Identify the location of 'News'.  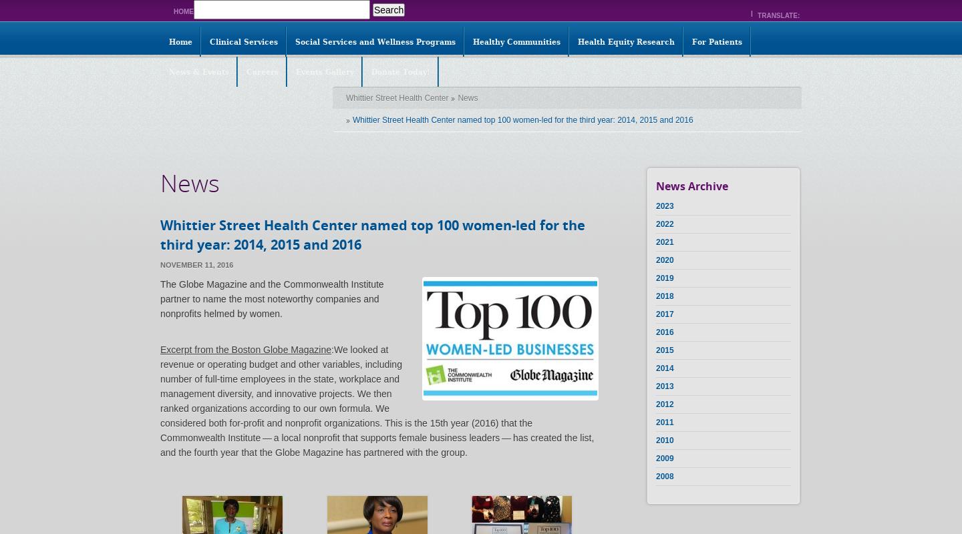
(189, 183).